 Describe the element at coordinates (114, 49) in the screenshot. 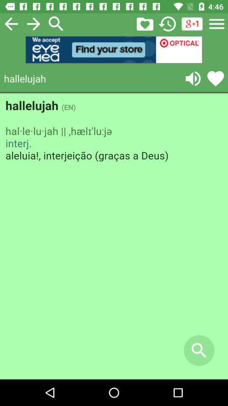

I see `the advertisement` at that location.